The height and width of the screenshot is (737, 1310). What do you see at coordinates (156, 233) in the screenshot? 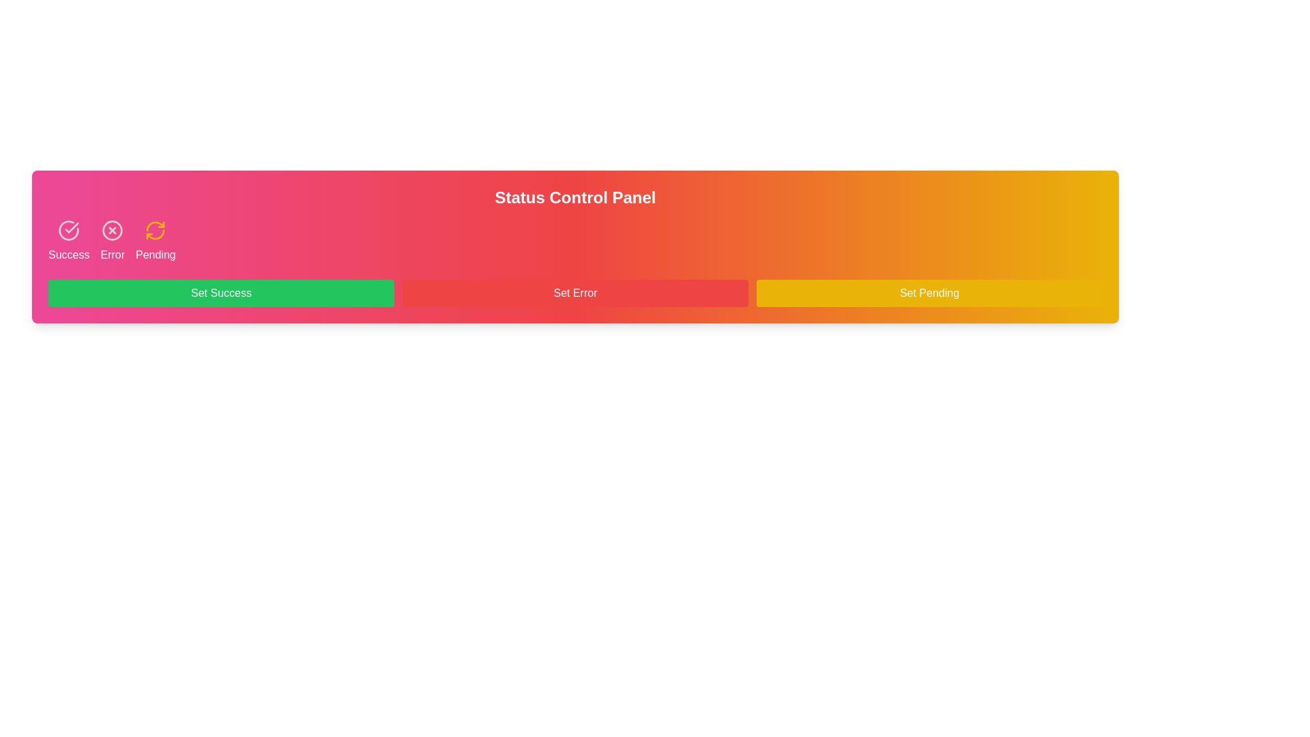
I see `the surrounding area of the yellow curved arrow refresh icon located in the 'Pending' section of the control panel` at bounding box center [156, 233].